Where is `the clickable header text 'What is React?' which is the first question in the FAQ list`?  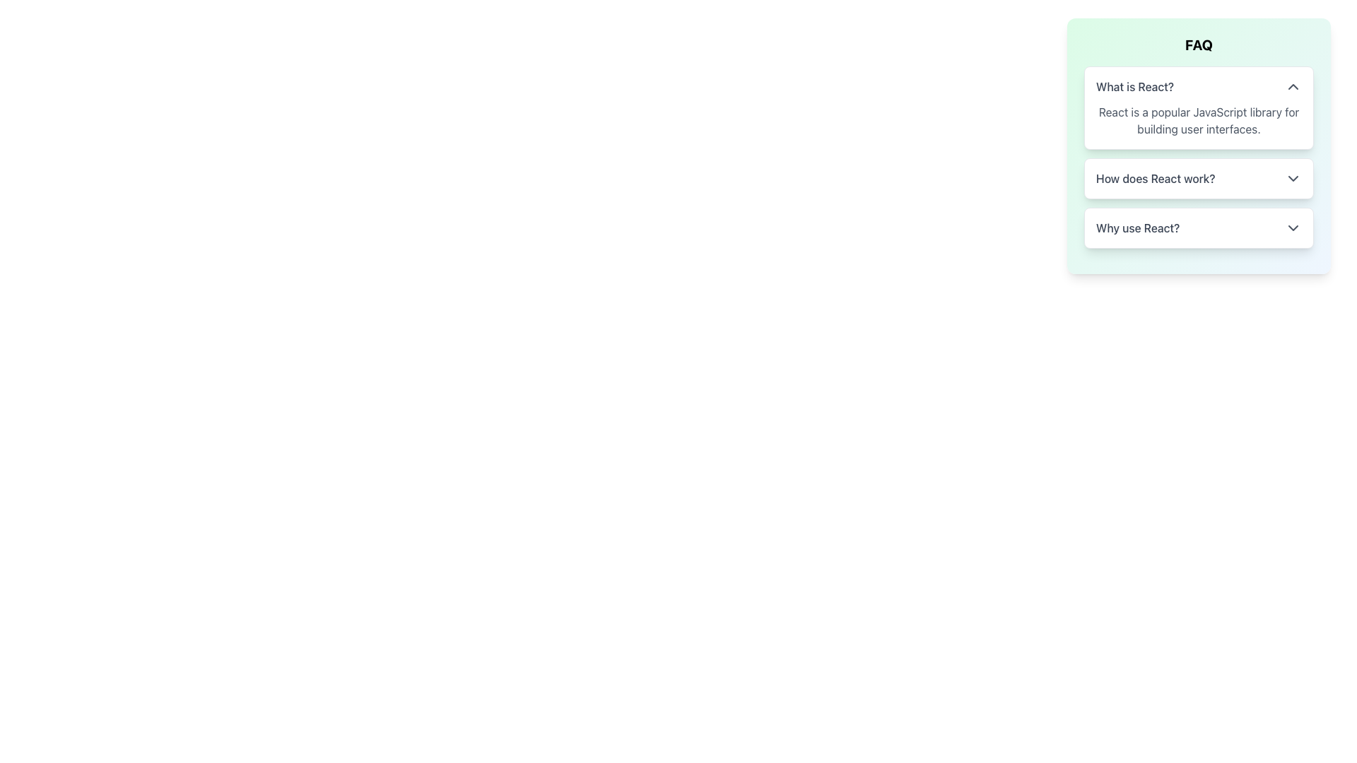
the clickable header text 'What is React?' which is the first question in the FAQ list is located at coordinates (1135, 87).